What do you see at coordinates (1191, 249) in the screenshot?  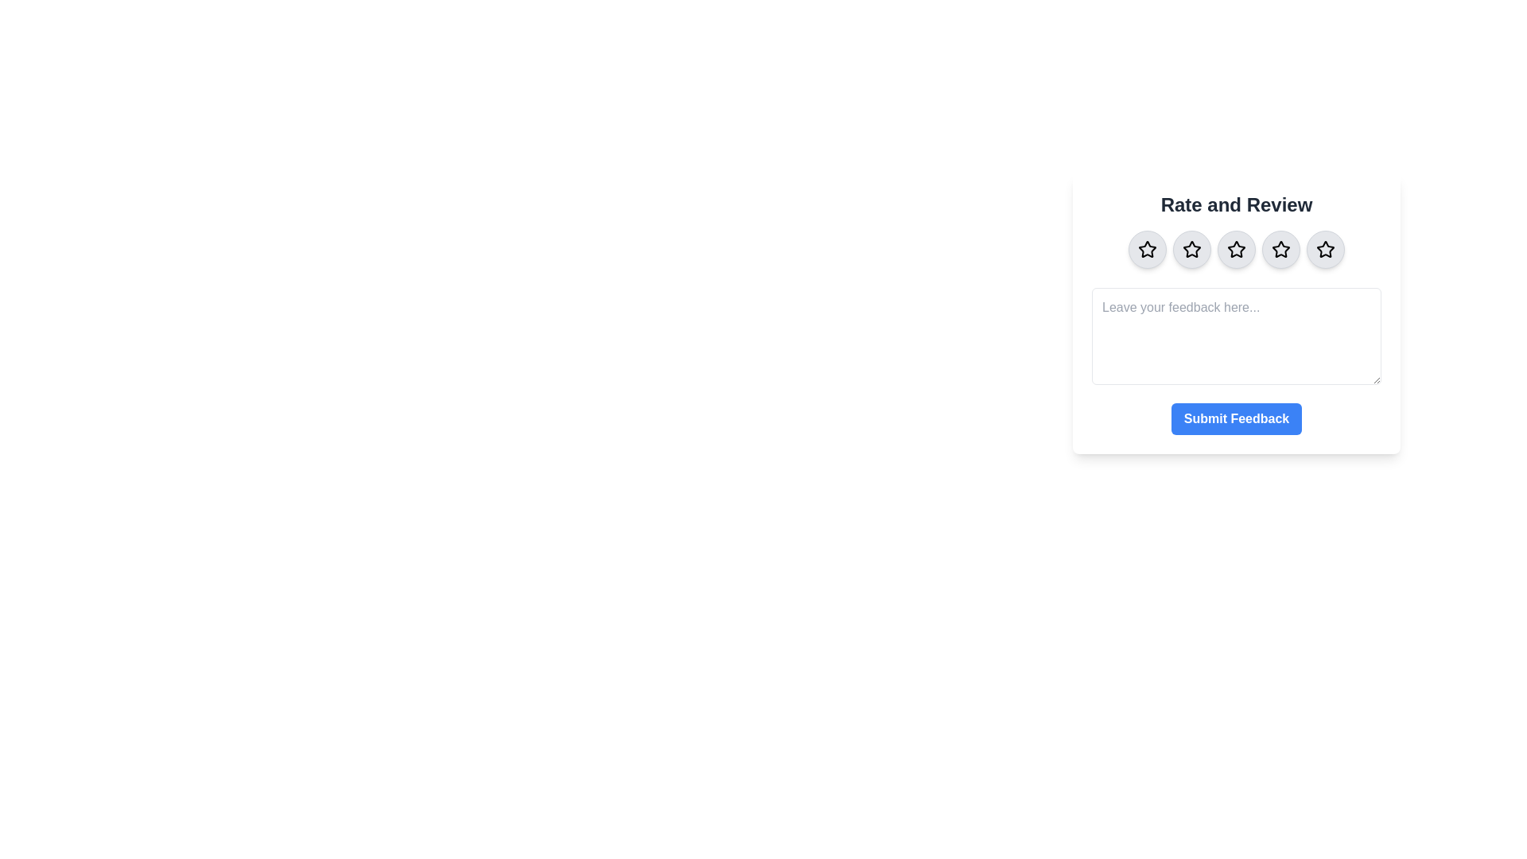 I see `the second circular button containing a black star icon in the horizontal row of five buttons above the feedback form` at bounding box center [1191, 249].